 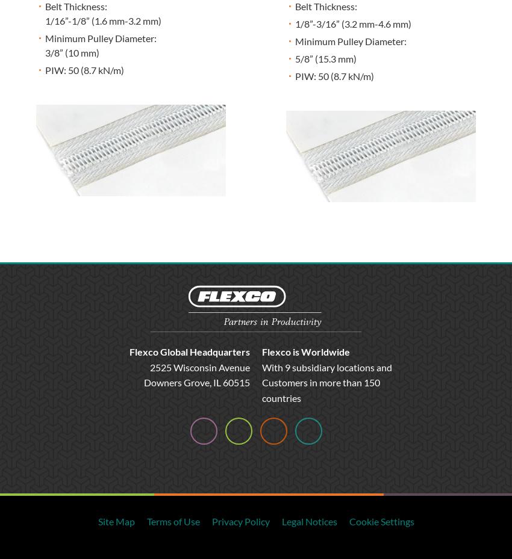 What do you see at coordinates (98, 521) in the screenshot?
I see `'Site Map'` at bounding box center [98, 521].